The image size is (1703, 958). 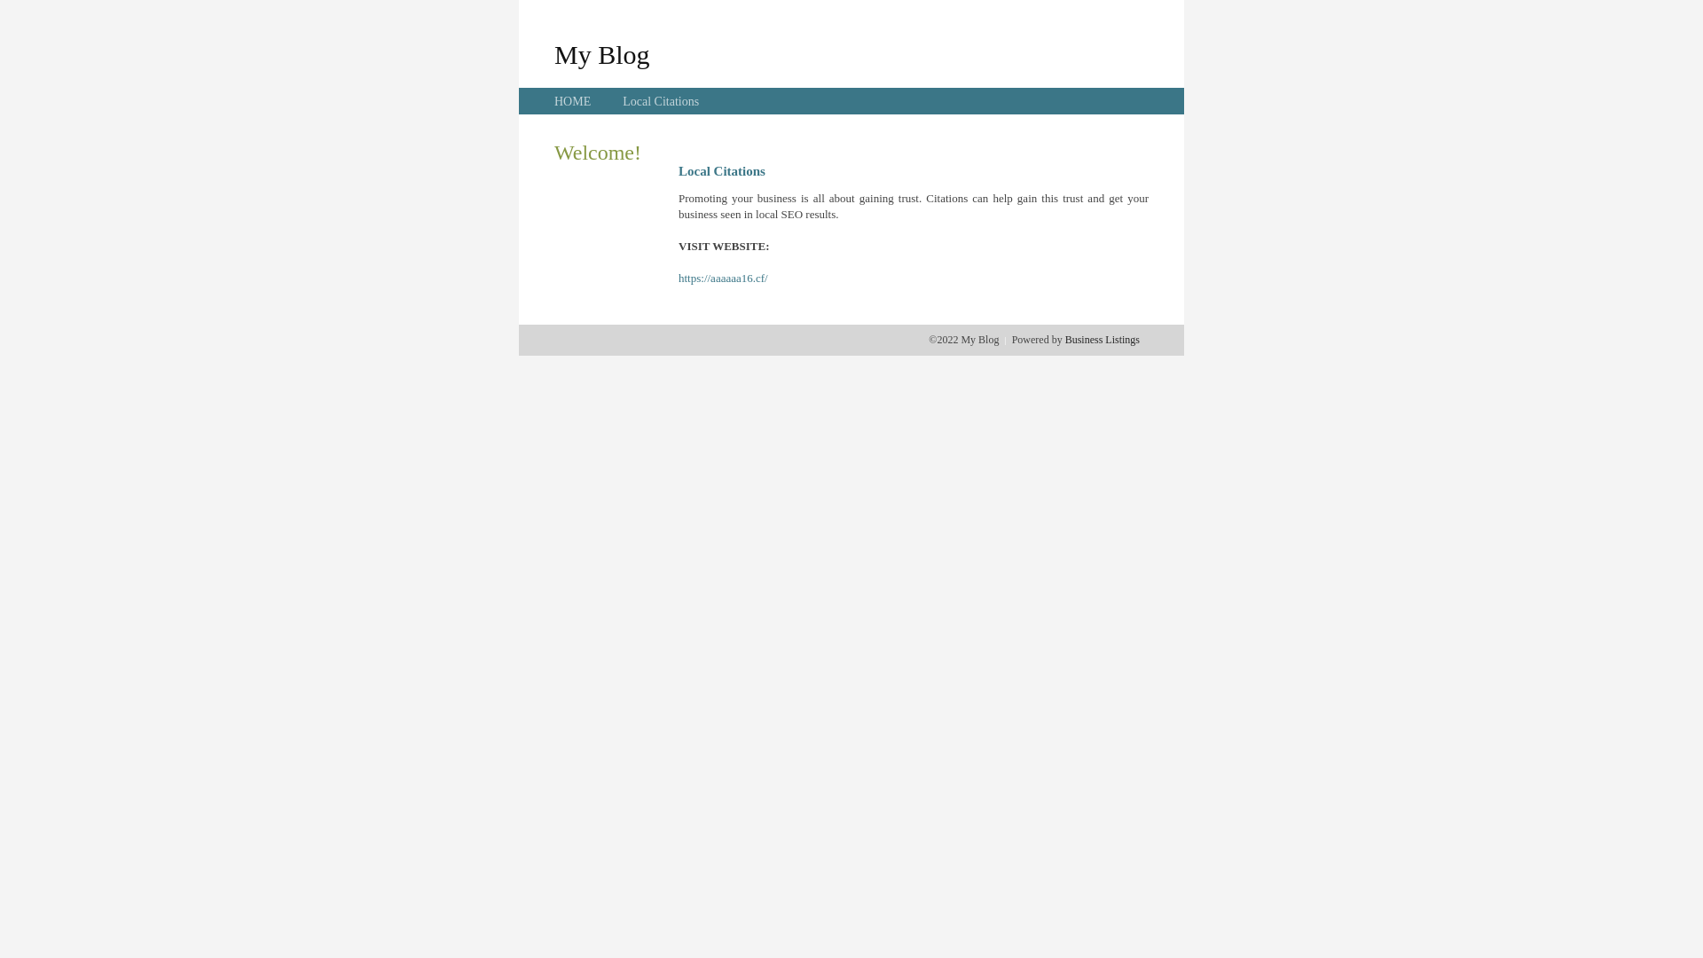 I want to click on 'My Blog', so click(x=601, y=53).